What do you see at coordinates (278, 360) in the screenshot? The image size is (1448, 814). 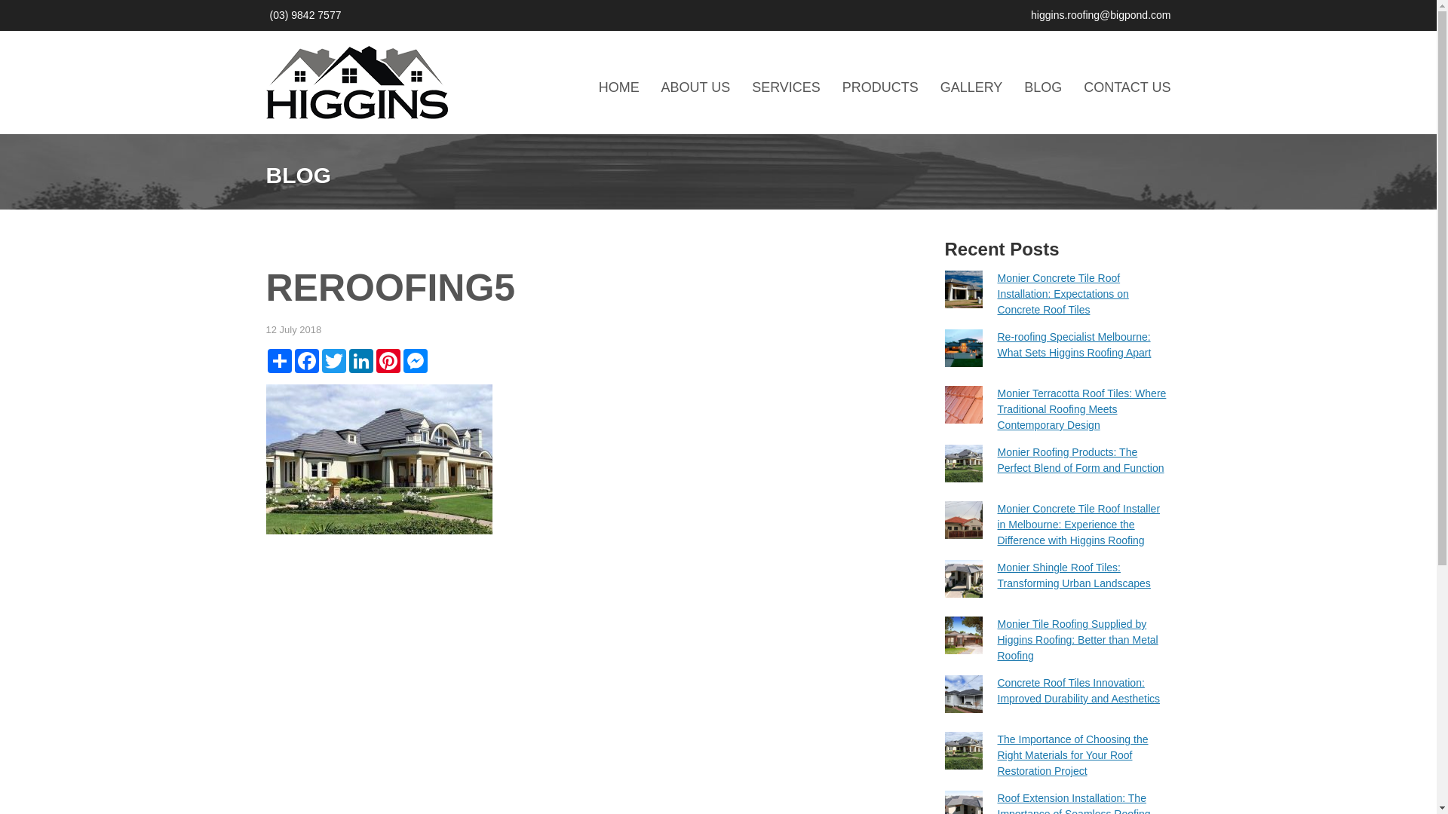 I see `'Share'` at bounding box center [278, 360].